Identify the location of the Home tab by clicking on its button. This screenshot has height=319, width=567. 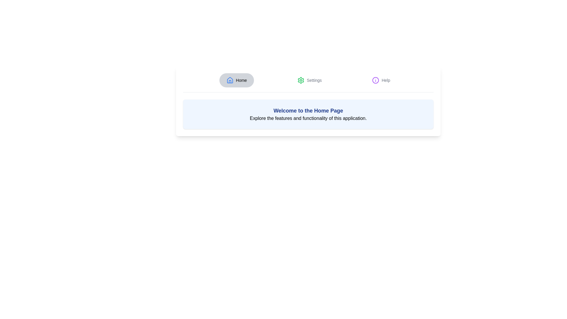
(237, 80).